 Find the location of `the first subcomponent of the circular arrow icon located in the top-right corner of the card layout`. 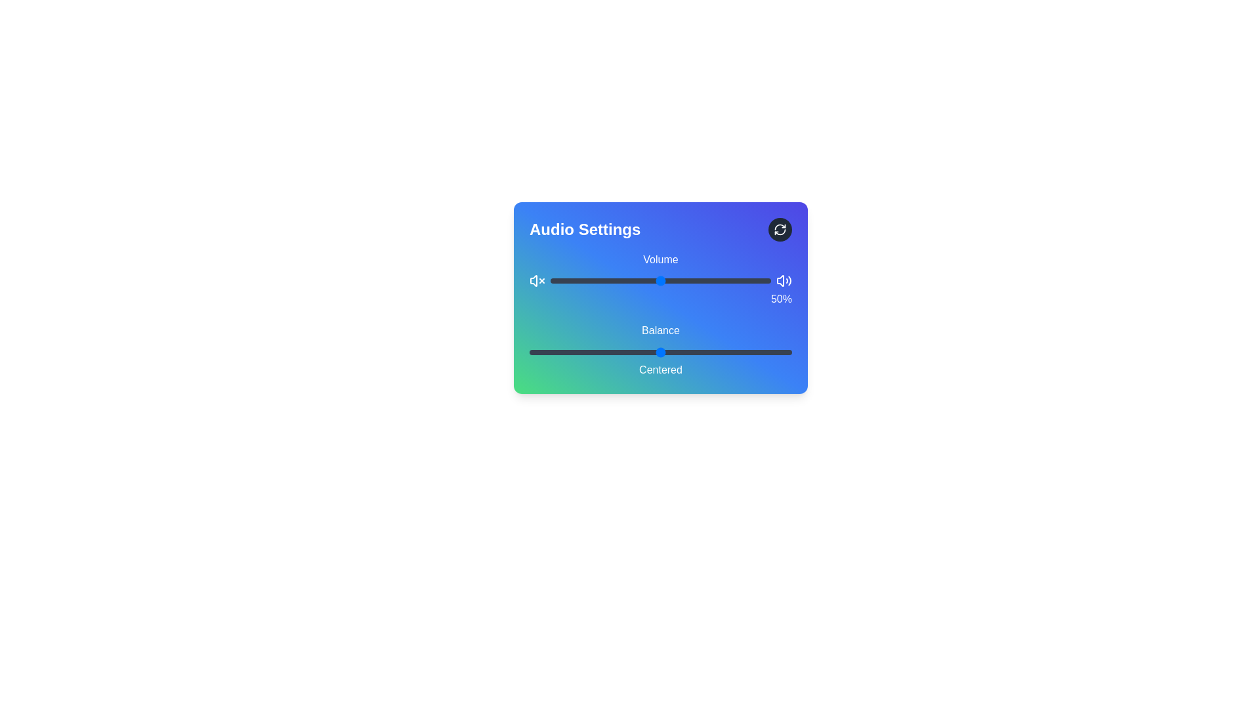

the first subcomponent of the circular arrow icon located in the top-right corner of the card layout is located at coordinates (780, 226).